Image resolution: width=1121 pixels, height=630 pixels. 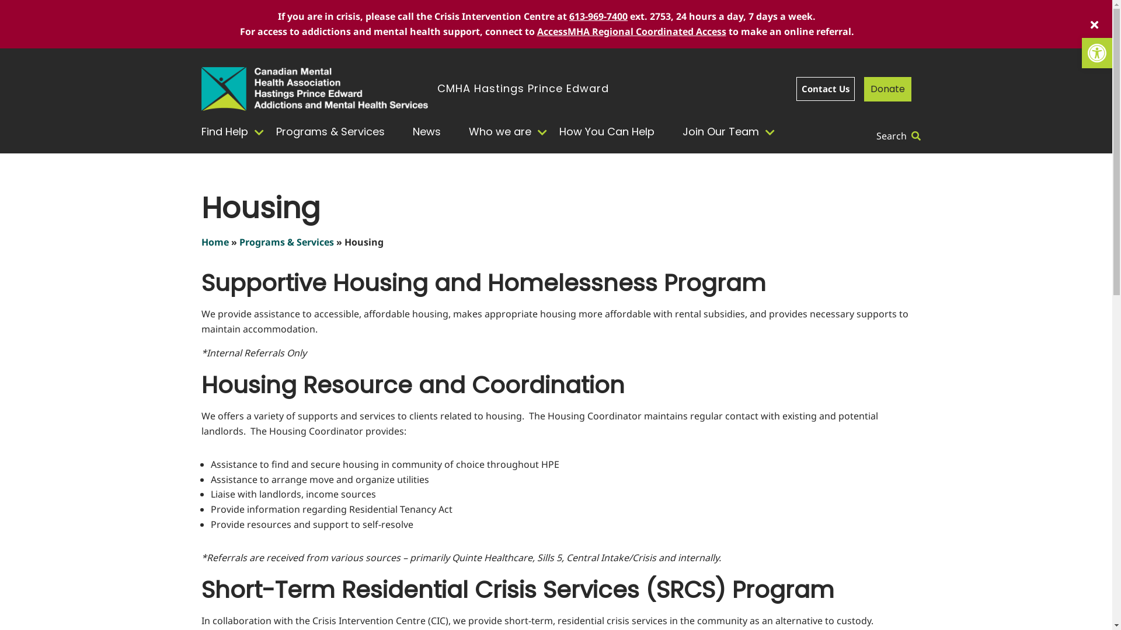 What do you see at coordinates (887, 89) in the screenshot?
I see `'Donate'` at bounding box center [887, 89].